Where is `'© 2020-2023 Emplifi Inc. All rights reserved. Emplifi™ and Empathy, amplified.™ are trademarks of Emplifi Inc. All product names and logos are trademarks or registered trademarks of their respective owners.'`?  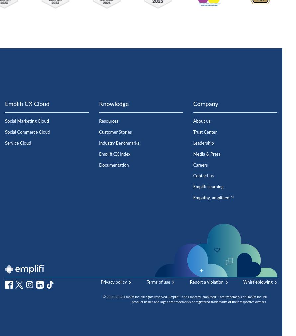 '© 2020-2023 Emplifi Inc. All rights reserved. Emplifi™ and Empathy, amplified.™ are trademarks of Emplifi Inc. All product names and logos are trademarks or registered trademarks of their respective owners.' is located at coordinates (184, 299).